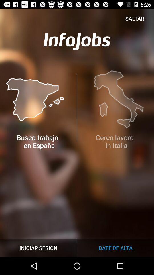 This screenshot has height=275, width=154. I want to click on date de alta at the bottom right corner, so click(116, 247).